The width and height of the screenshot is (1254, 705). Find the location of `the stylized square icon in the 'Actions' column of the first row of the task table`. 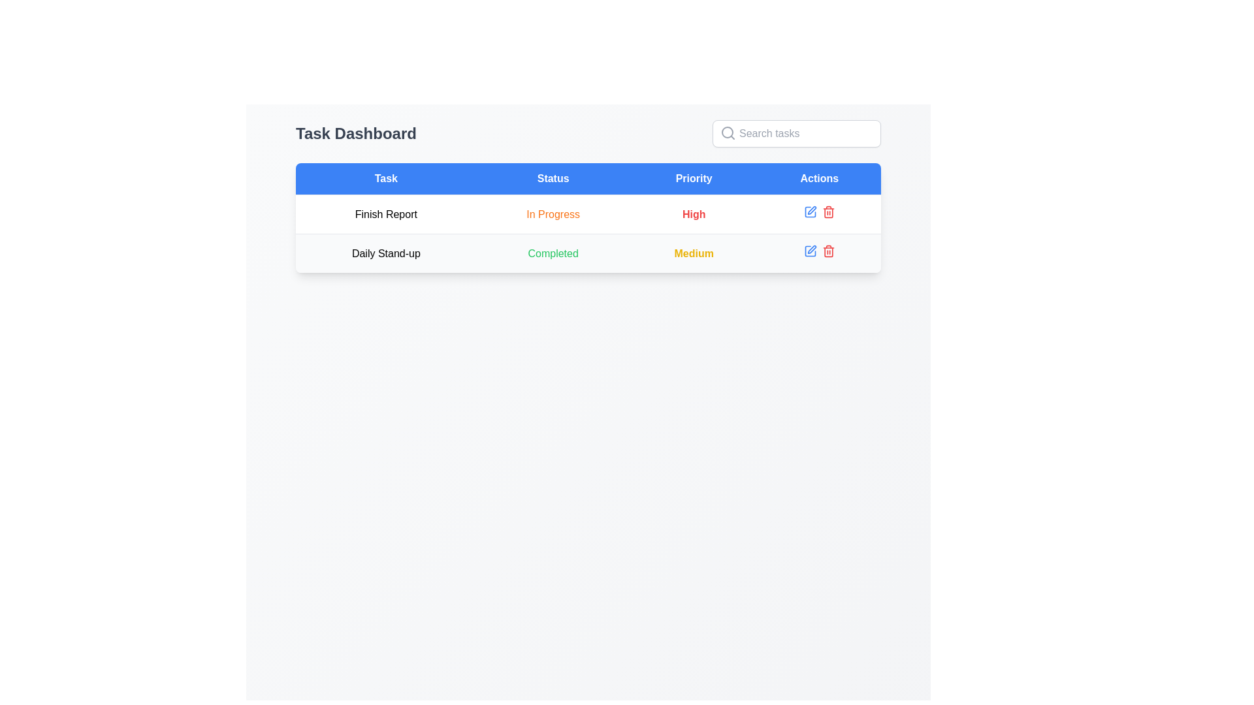

the stylized square icon in the 'Actions' column of the first row of the task table is located at coordinates (809, 211).